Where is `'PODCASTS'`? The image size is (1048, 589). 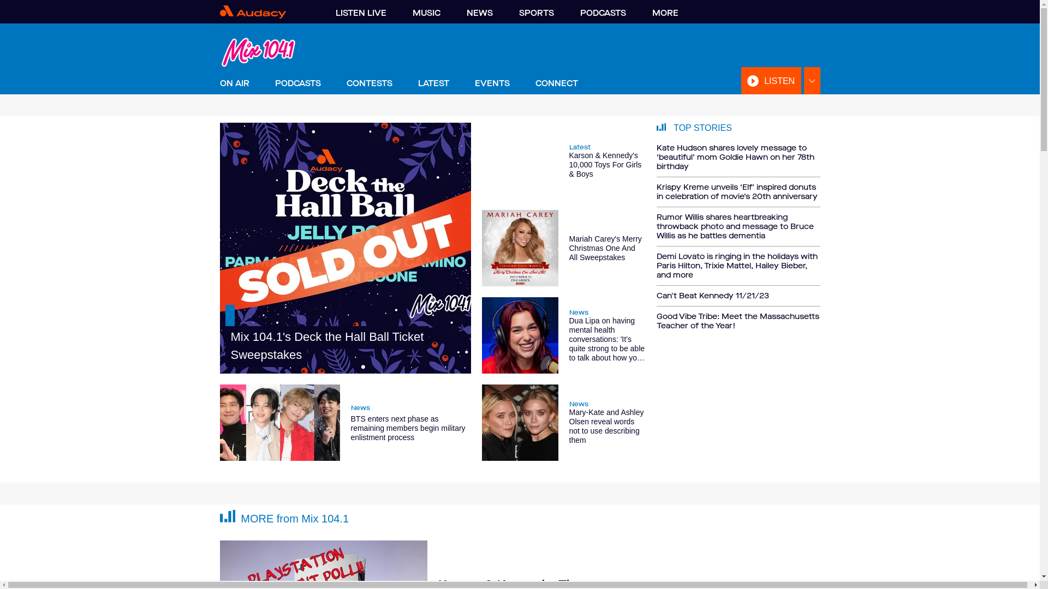
'PODCASTS' is located at coordinates (298, 83).